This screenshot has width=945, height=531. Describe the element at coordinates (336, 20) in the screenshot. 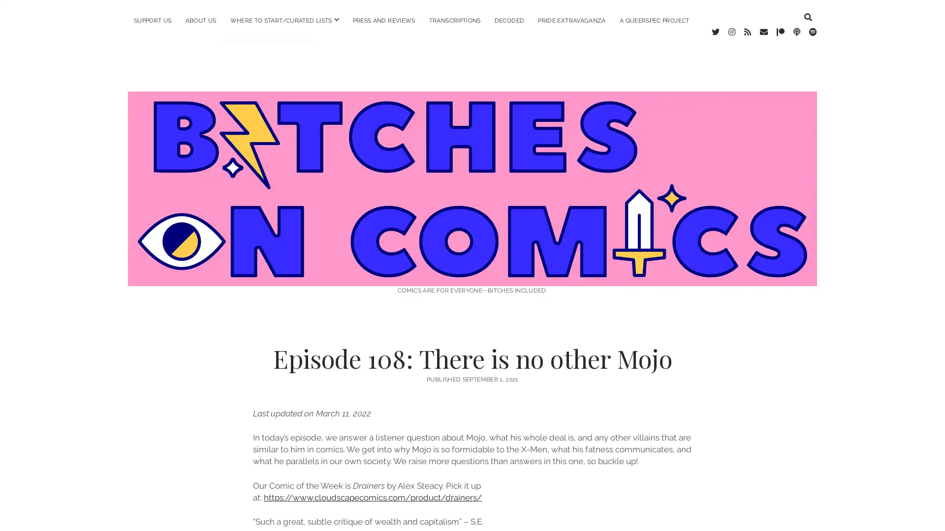

I see `open menu` at that location.